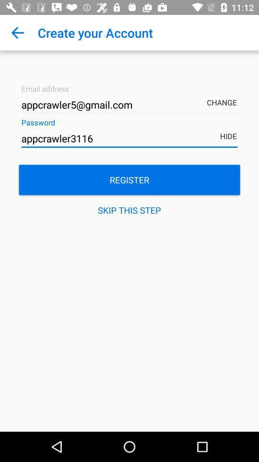  Describe the element at coordinates (129, 138) in the screenshot. I see `the icon above the register item` at that location.